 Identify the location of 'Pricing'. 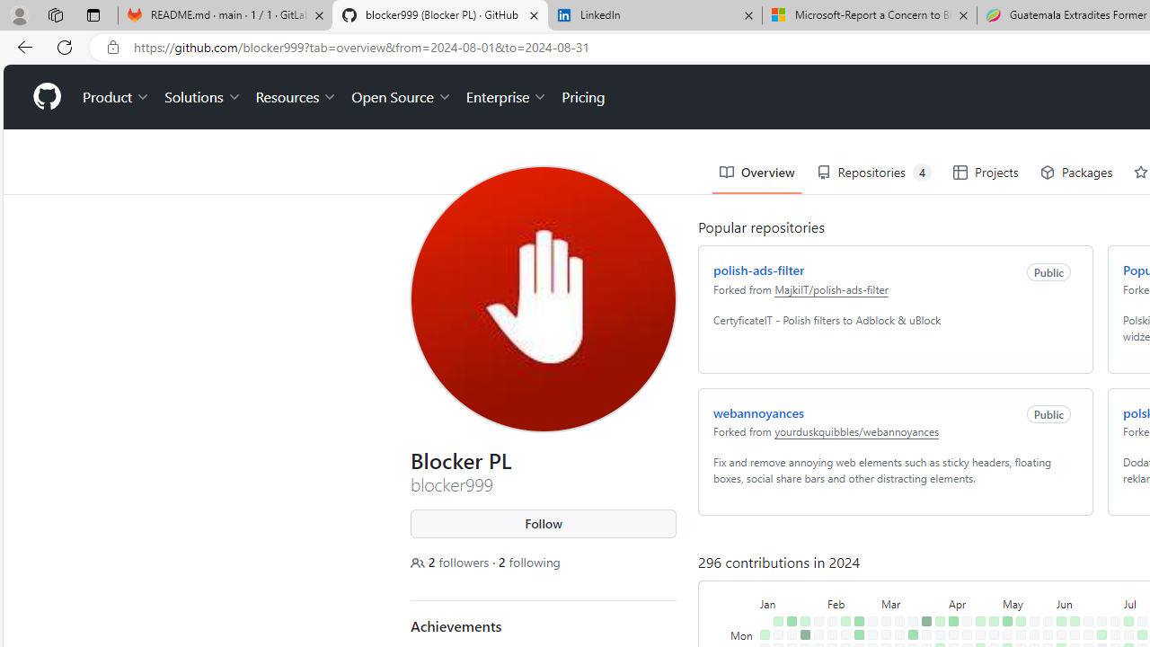
(583, 97).